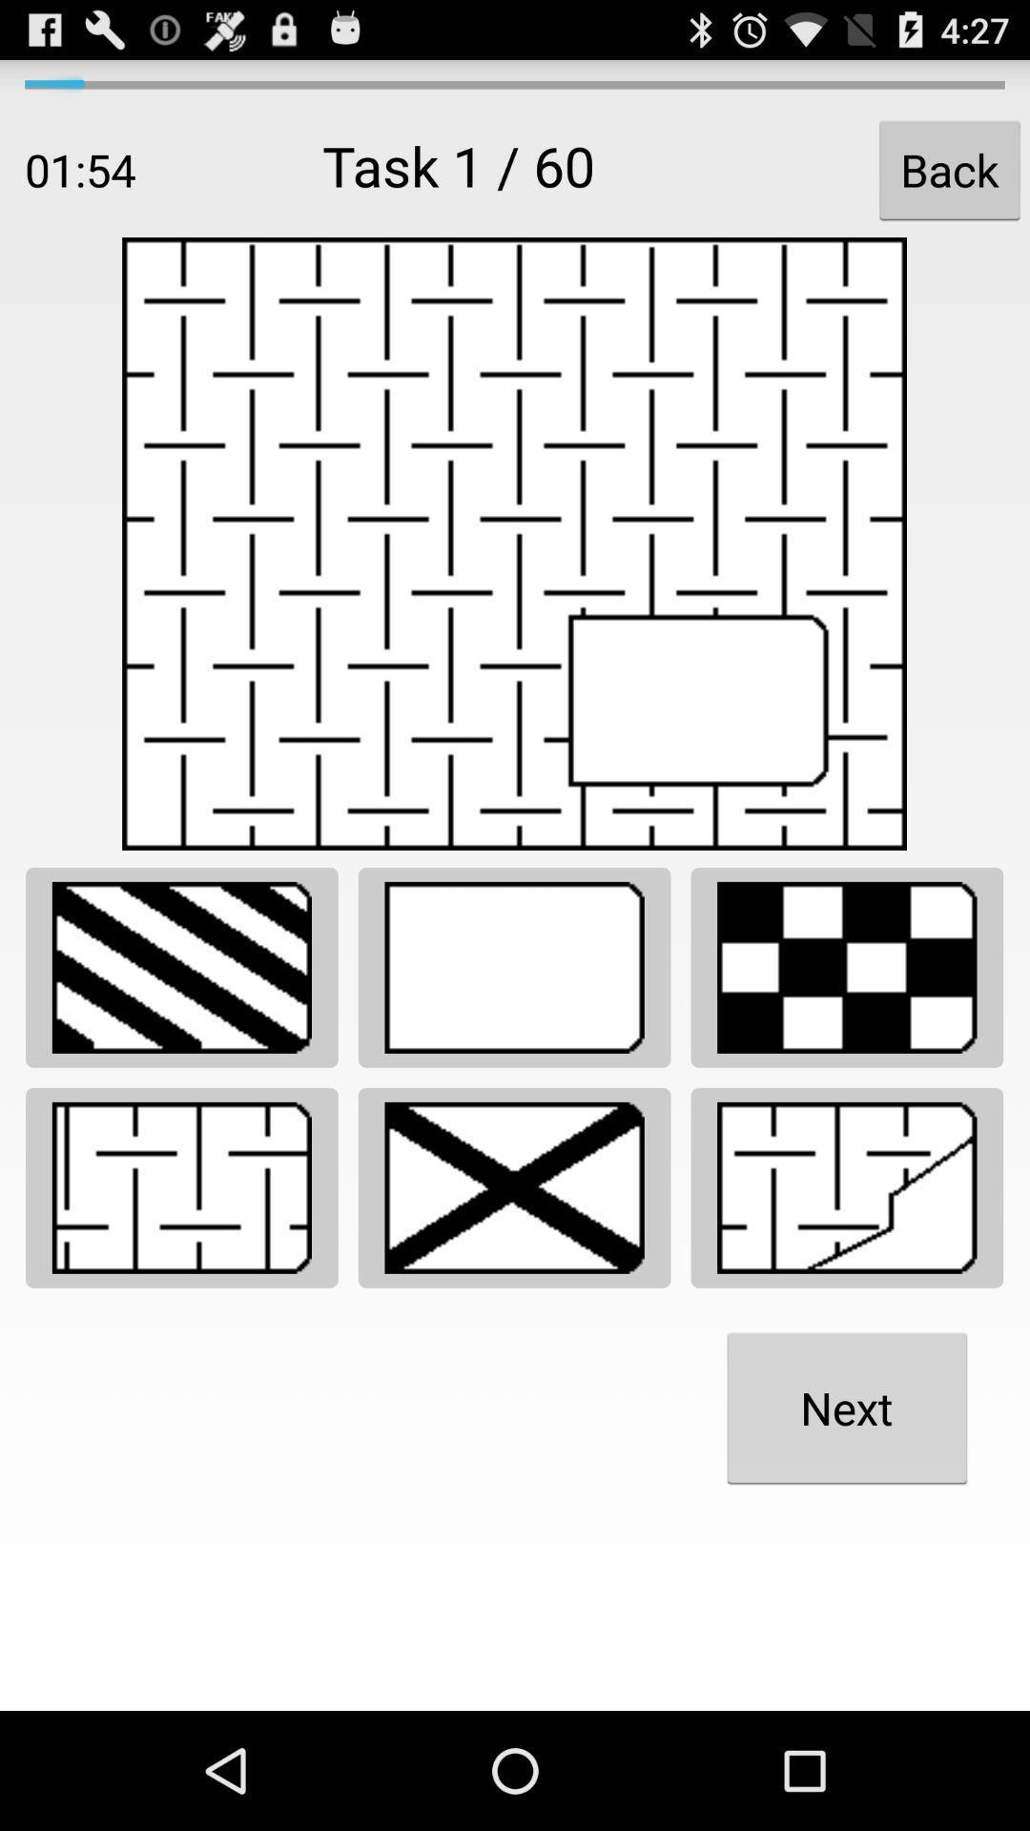  I want to click on the next, so click(846, 1408).